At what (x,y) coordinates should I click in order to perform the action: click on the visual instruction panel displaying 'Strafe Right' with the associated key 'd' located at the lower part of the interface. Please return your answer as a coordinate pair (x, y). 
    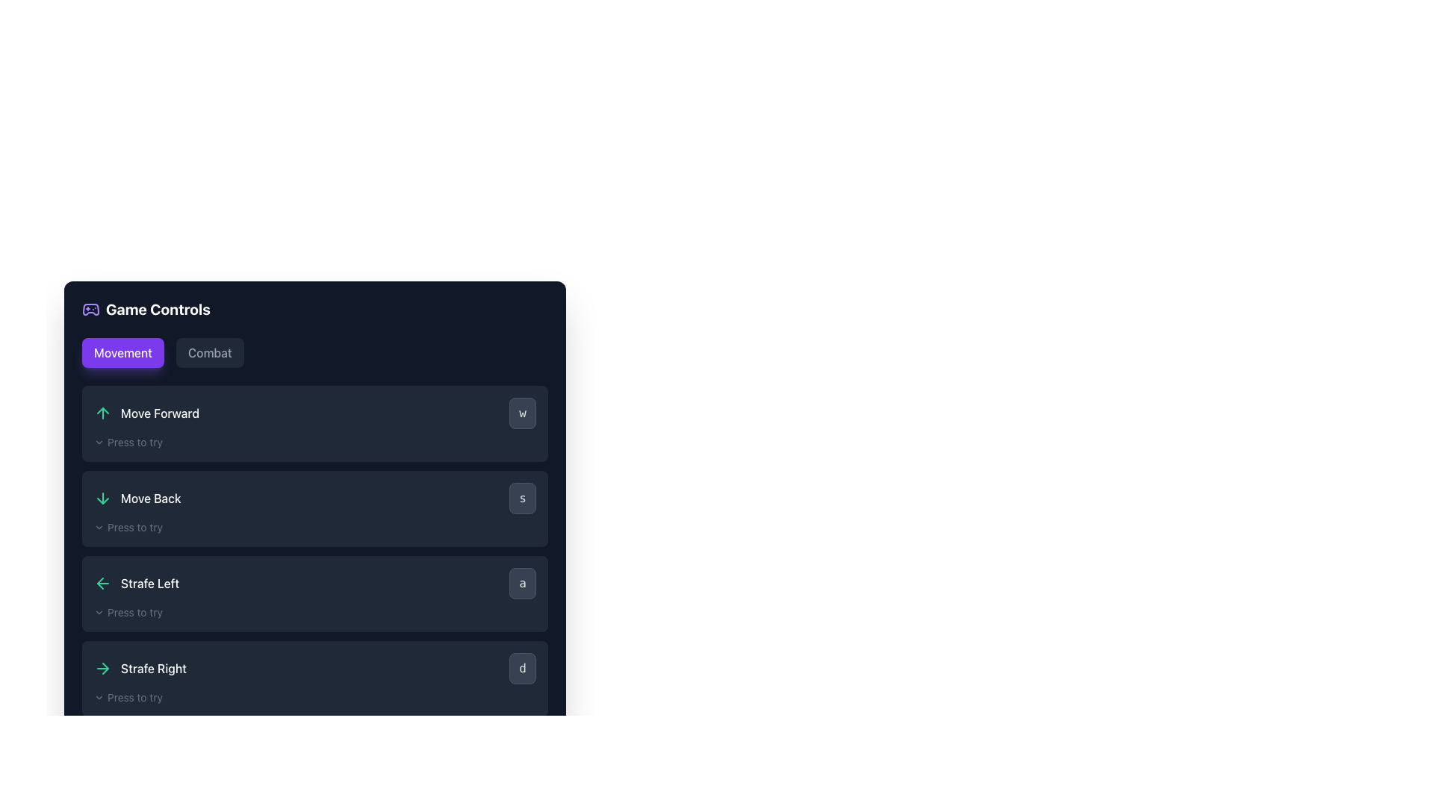
    Looking at the image, I should click on (314, 667).